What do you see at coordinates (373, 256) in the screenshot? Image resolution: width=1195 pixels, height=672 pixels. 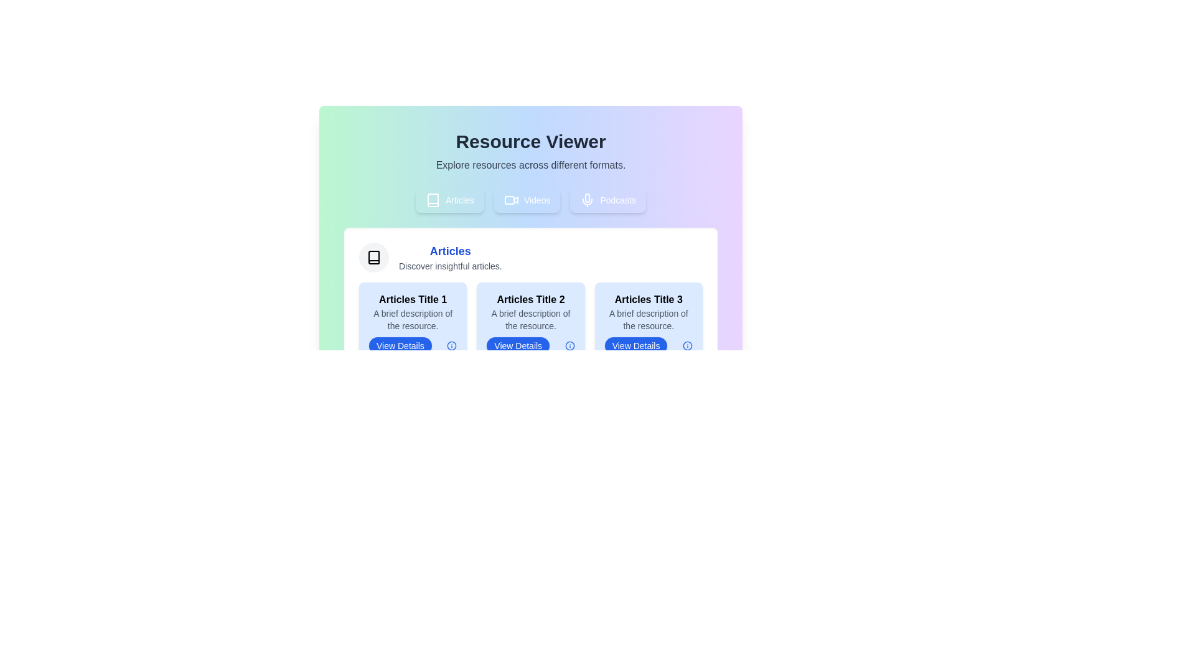 I see `the Graphic icon that represents the articles section, located in the far left of the box labeled 'Articles', adjacent to the title text 'Articles'` at bounding box center [373, 256].